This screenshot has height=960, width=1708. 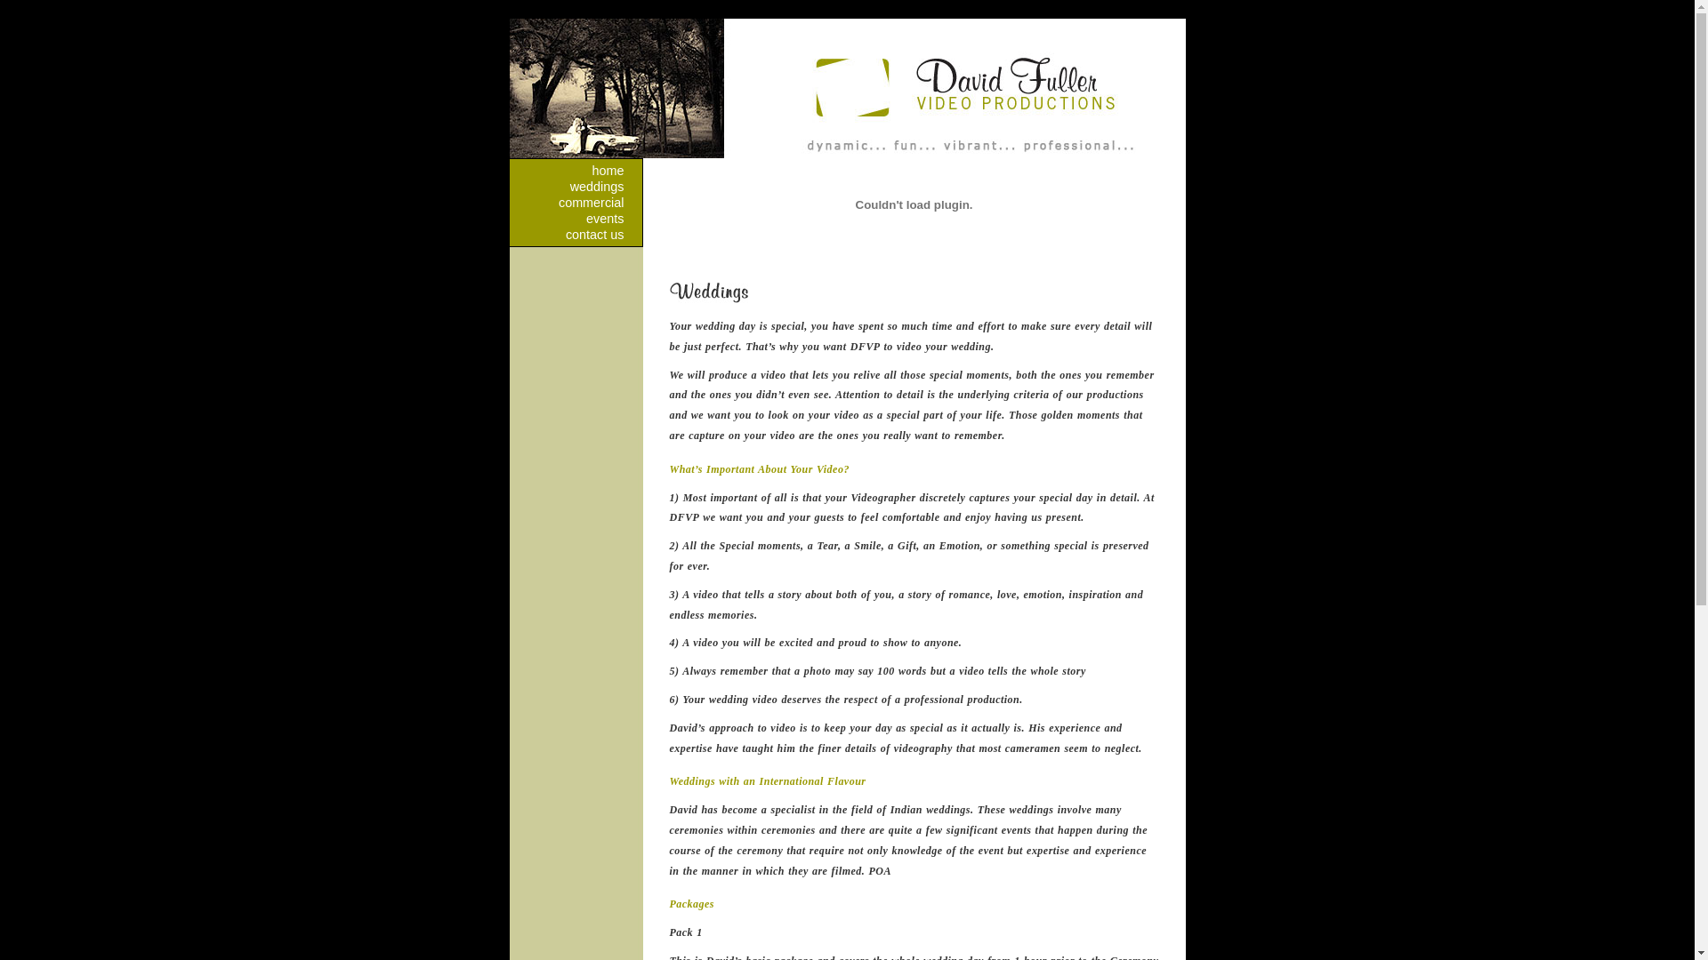 What do you see at coordinates (575, 171) in the screenshot?
I see `'home'` at bounding box center [575, 171].